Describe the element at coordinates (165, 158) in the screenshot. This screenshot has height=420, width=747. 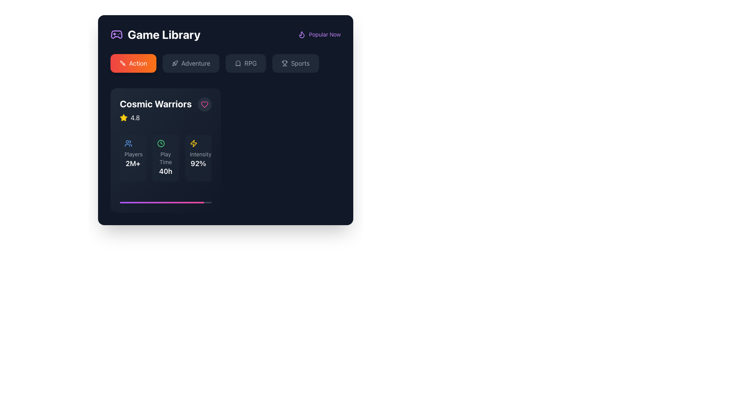
I see `the Informational display section containing metrics for the game 'Cosmic Warriors', located in the bottom half of the card` at that location.